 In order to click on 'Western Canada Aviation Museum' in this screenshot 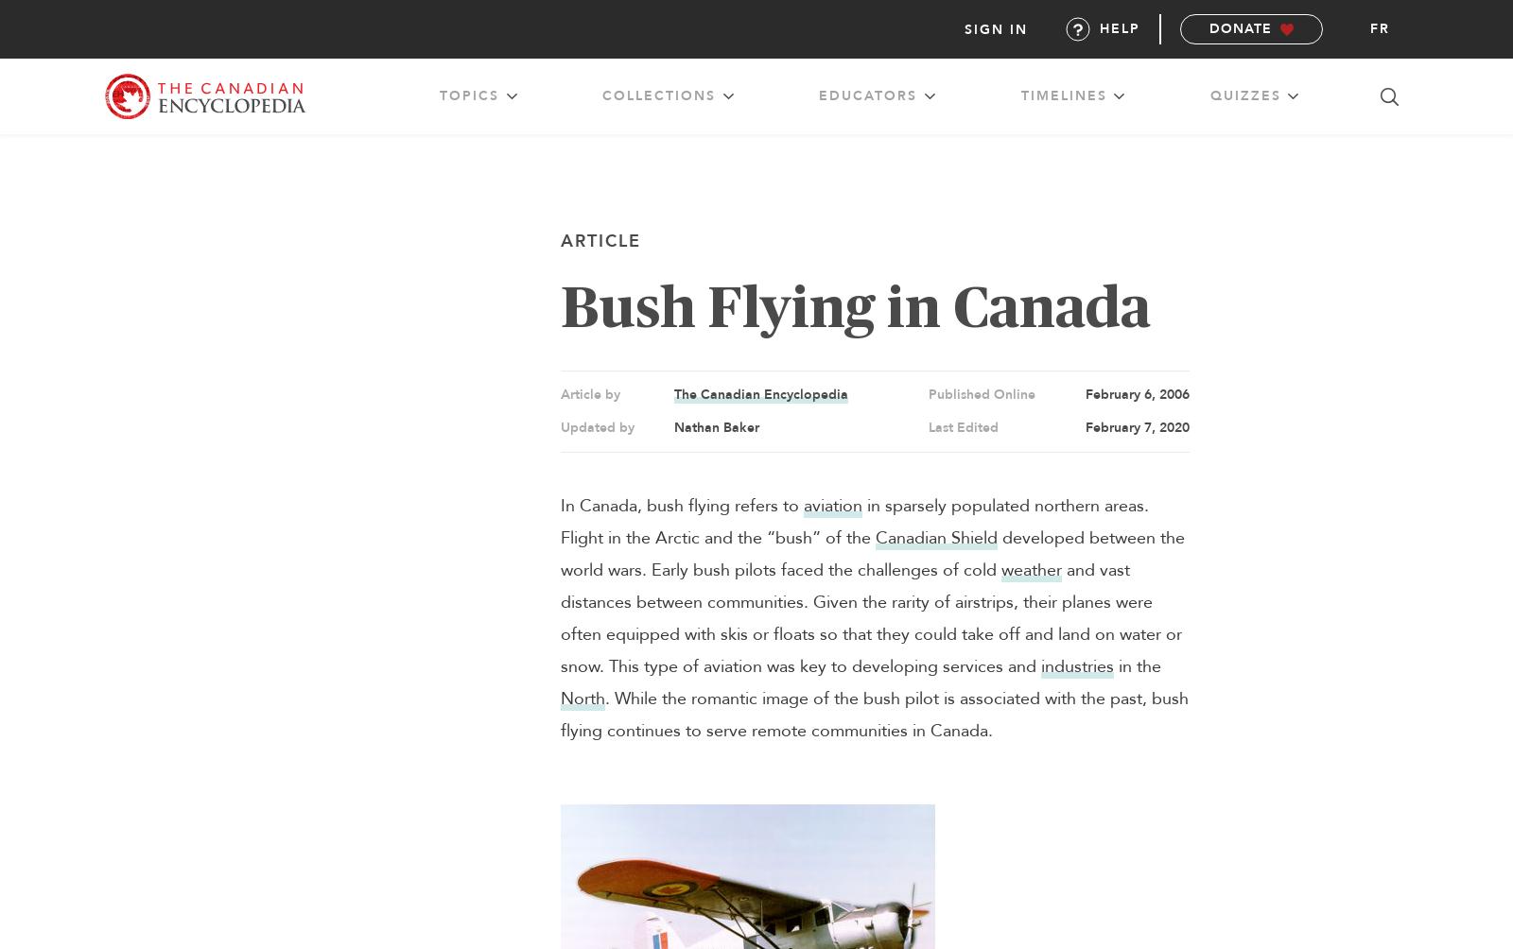, I will do `click(479, 362)`.